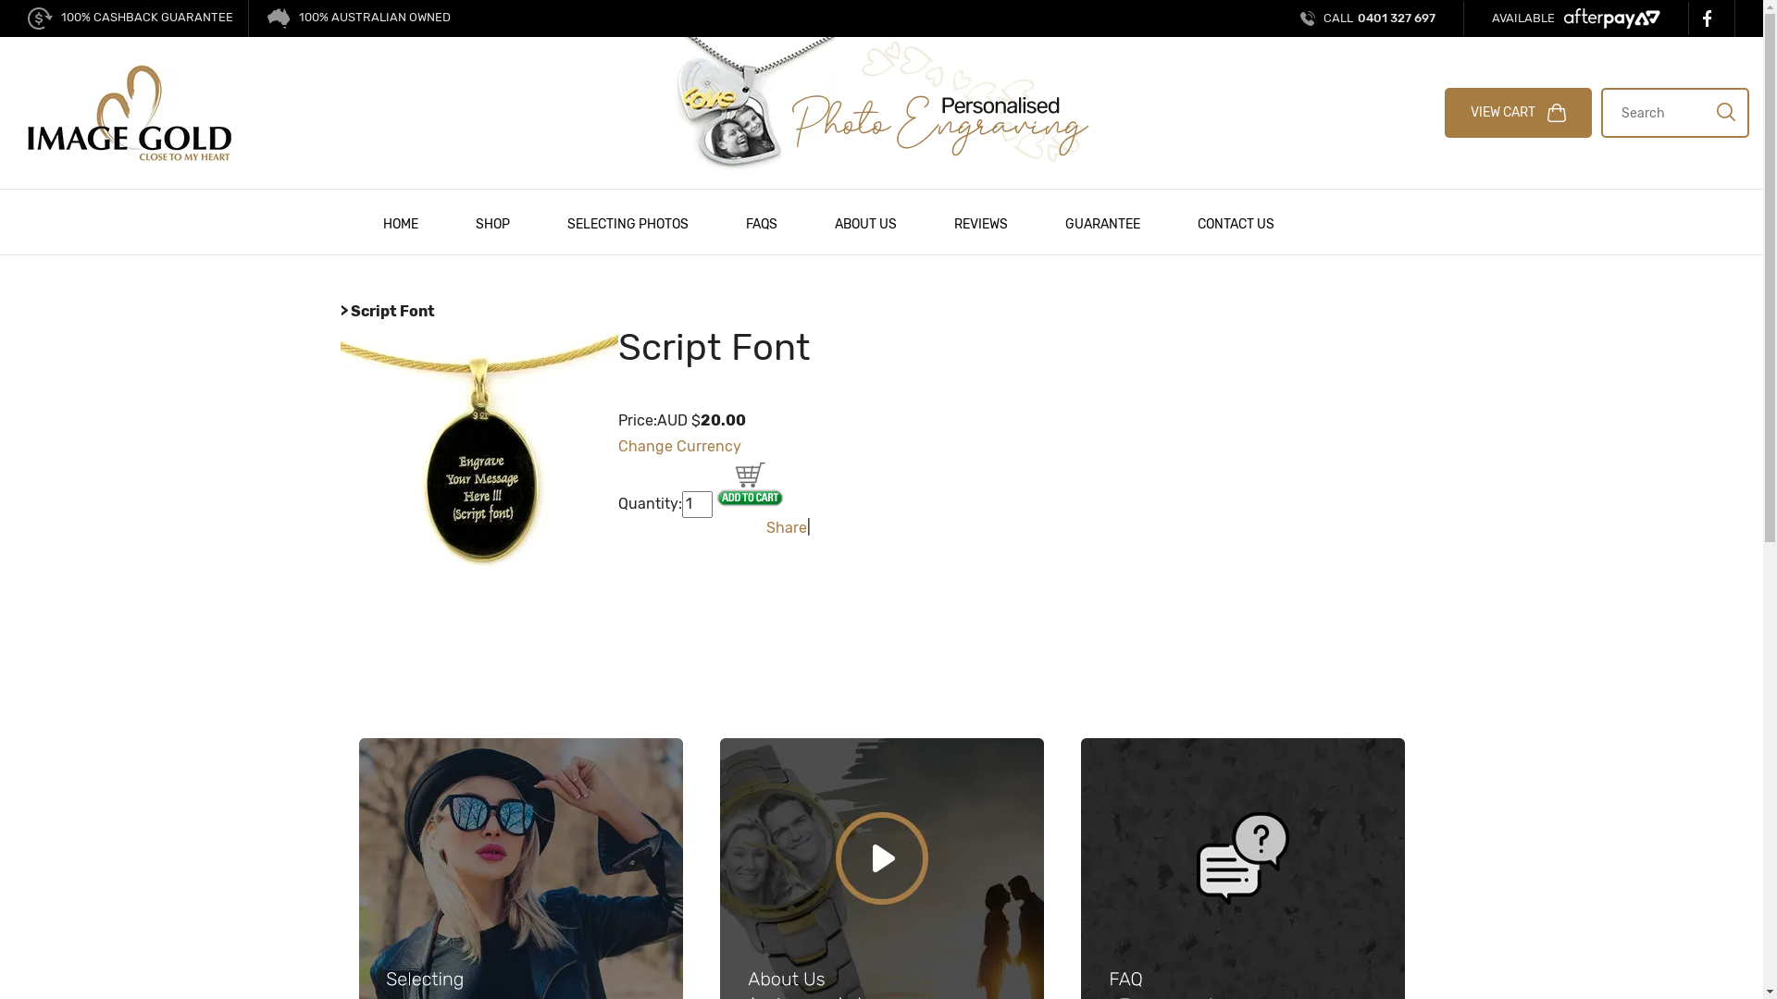 Image resolution: width=1777 pixels, height=999 pixels. Describe the element at coordinates (980, 221) in the screenshot. I see `'REVIEWS'` at that location.